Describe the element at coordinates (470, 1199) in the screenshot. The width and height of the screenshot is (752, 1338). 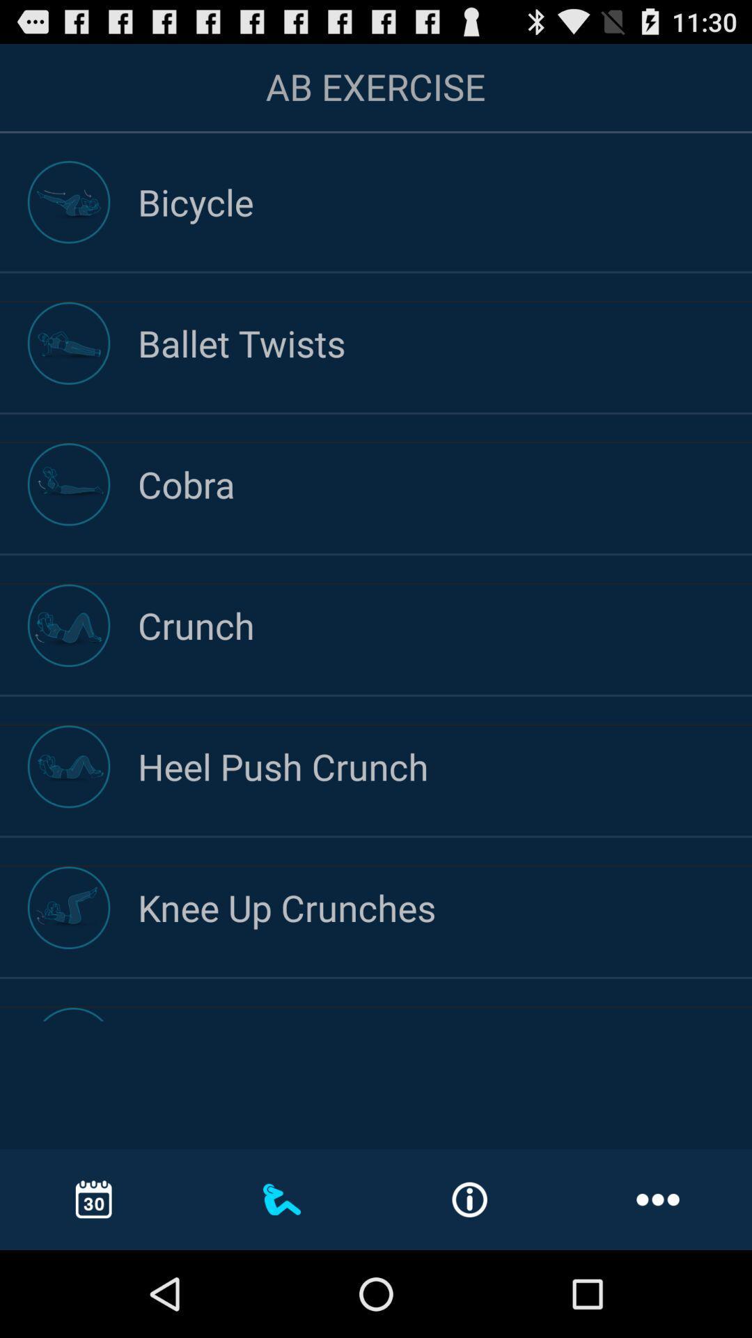
I see `information icon which is on the bottom of the page` at that location.